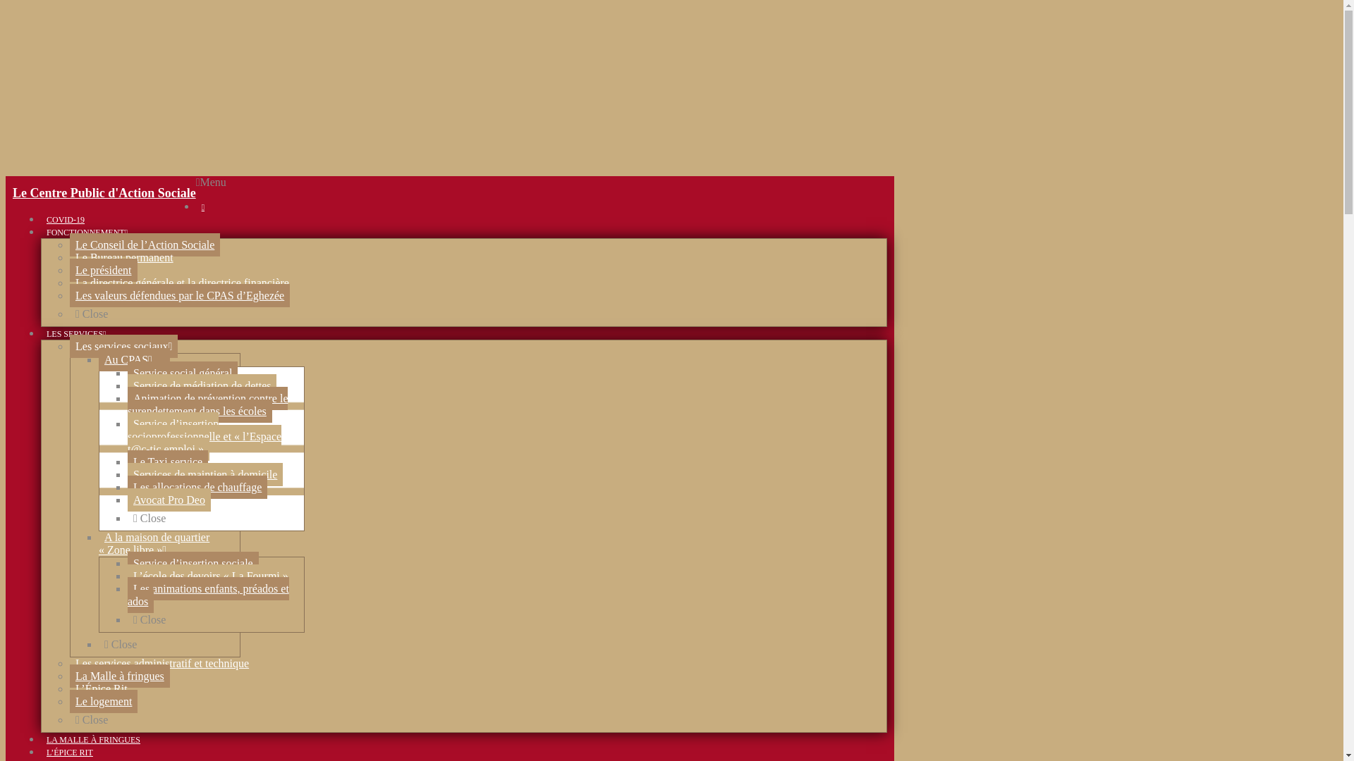  What do you see at coordinates (124, 257) in the screenshot?
I see `'Le Bureau permanent'` at bounding box center [124, 257].